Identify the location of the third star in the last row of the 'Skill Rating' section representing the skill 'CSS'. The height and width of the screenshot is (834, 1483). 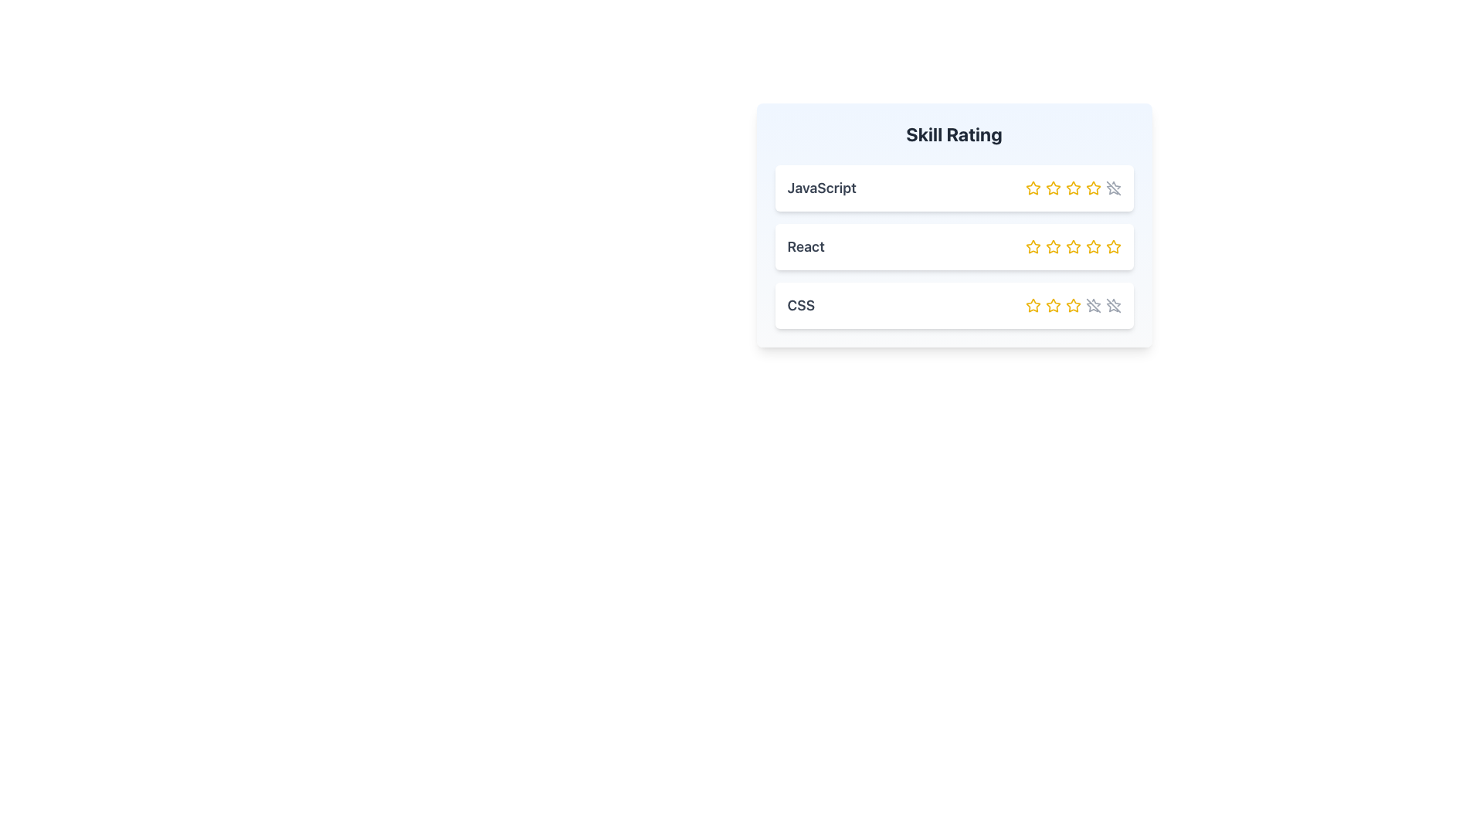
(1052, 305).